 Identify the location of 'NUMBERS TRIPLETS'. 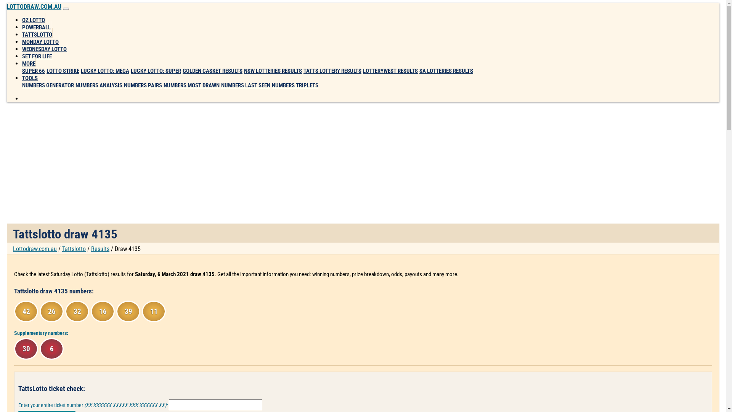
(294, 85).